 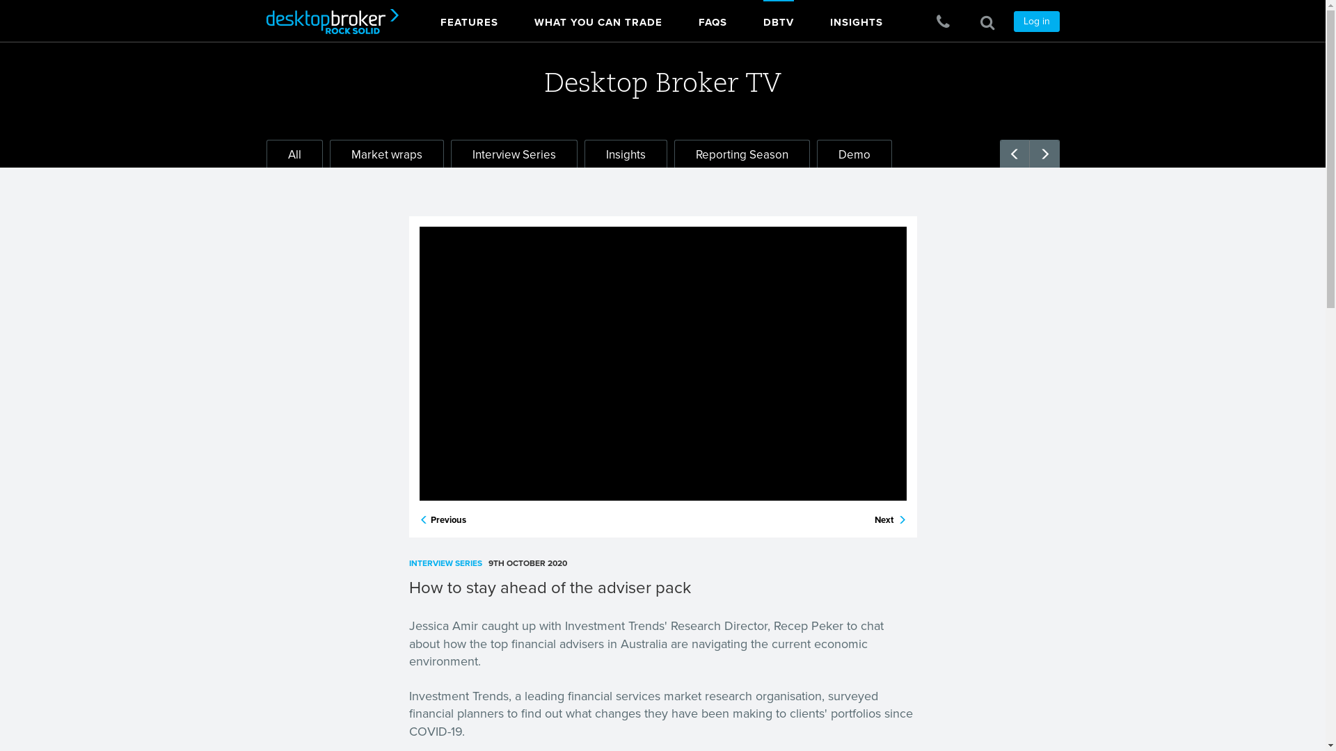 What do you see at coordinates (986, 22) in the screenshot?
I see `'Search'` at bounding box center [986, 22].